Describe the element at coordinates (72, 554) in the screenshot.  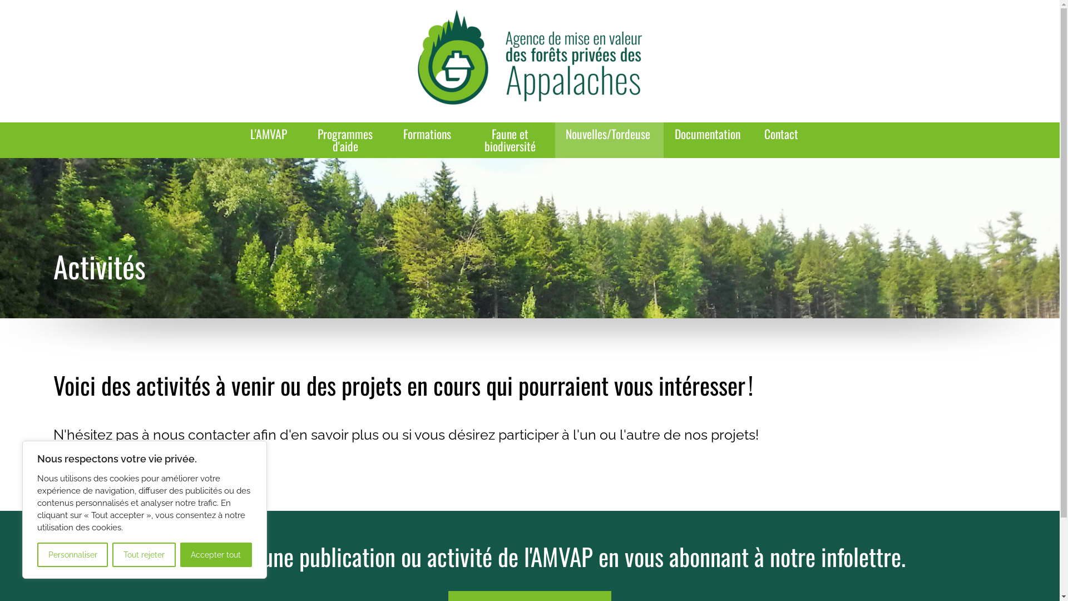
I see `'Personnaliser'` at that location.